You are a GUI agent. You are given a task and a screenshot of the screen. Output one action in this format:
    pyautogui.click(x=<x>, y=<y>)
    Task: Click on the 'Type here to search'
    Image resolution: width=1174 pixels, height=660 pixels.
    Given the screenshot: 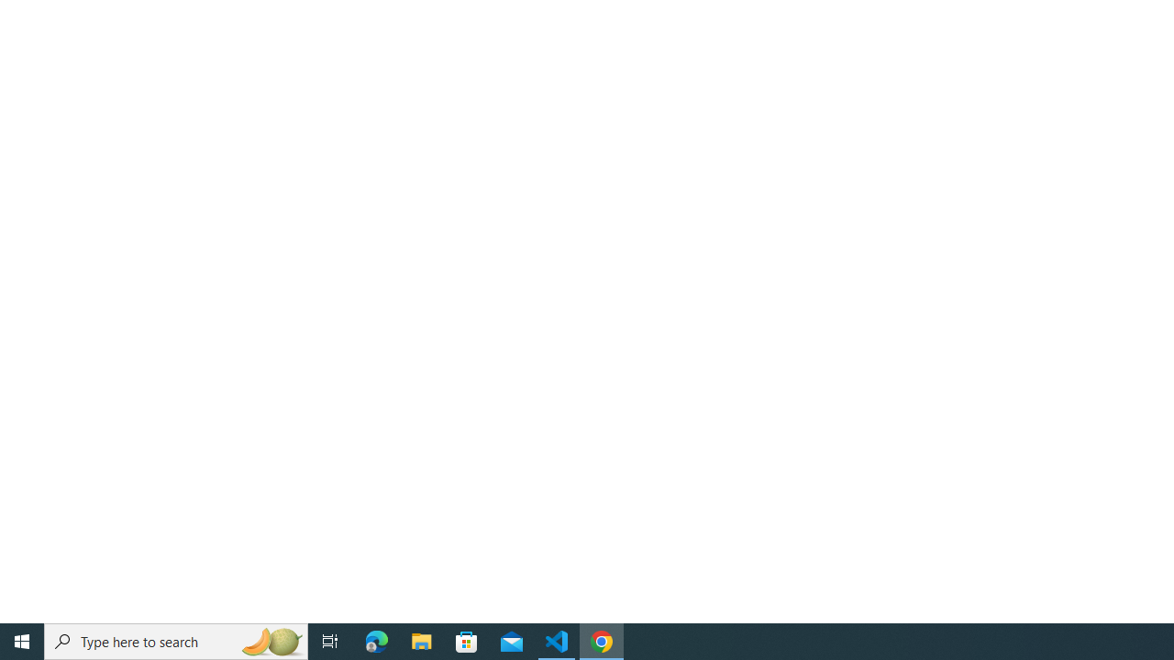 What is the action you would take?
    pyautogui.click(x=176, y=640)
    